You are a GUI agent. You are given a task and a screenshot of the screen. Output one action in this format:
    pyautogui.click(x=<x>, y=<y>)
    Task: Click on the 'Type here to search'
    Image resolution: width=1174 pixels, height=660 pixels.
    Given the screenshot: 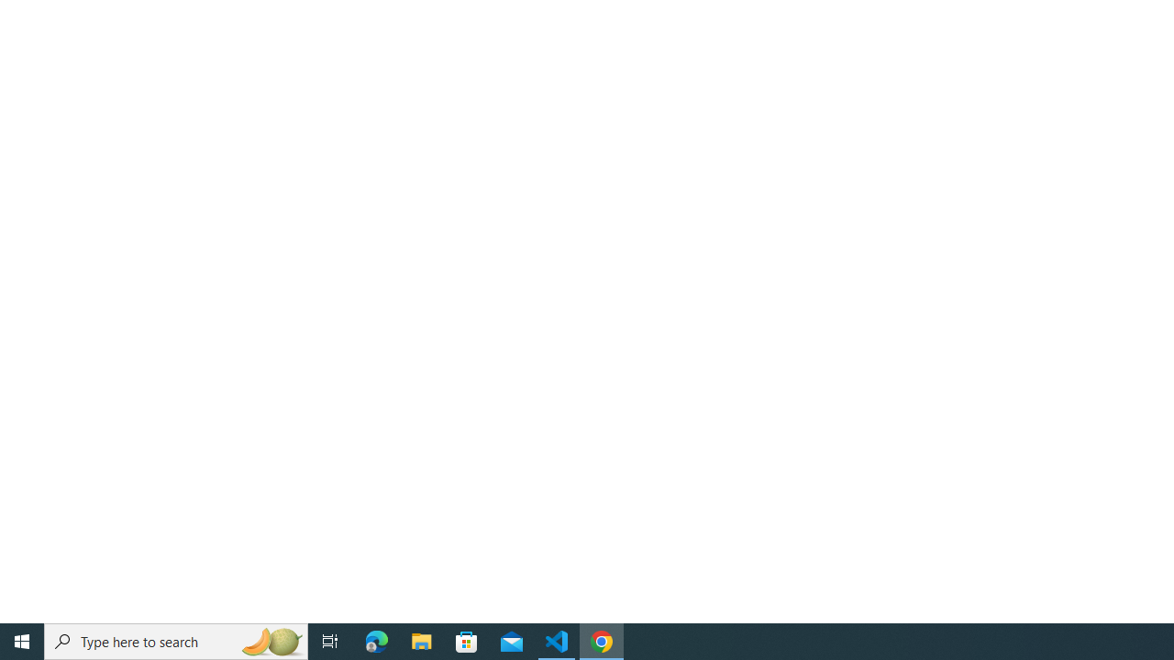 What is the action you would take?
    pyautogui.click(x=176, y=640)
    